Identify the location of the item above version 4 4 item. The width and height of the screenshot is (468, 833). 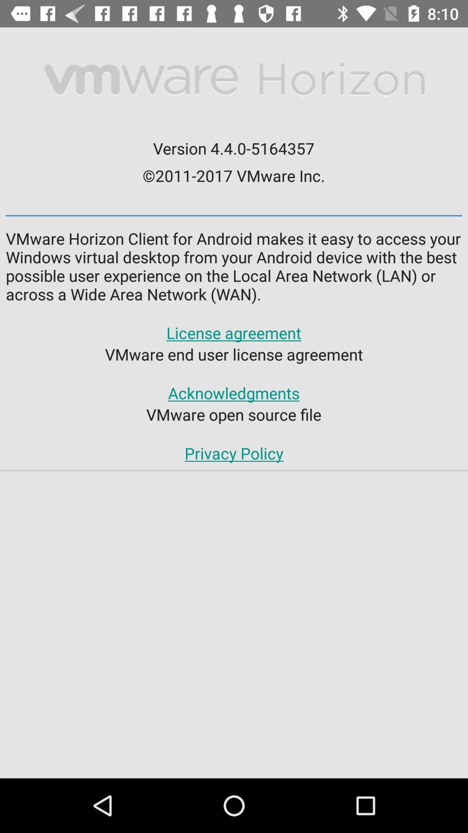
(233, 79).